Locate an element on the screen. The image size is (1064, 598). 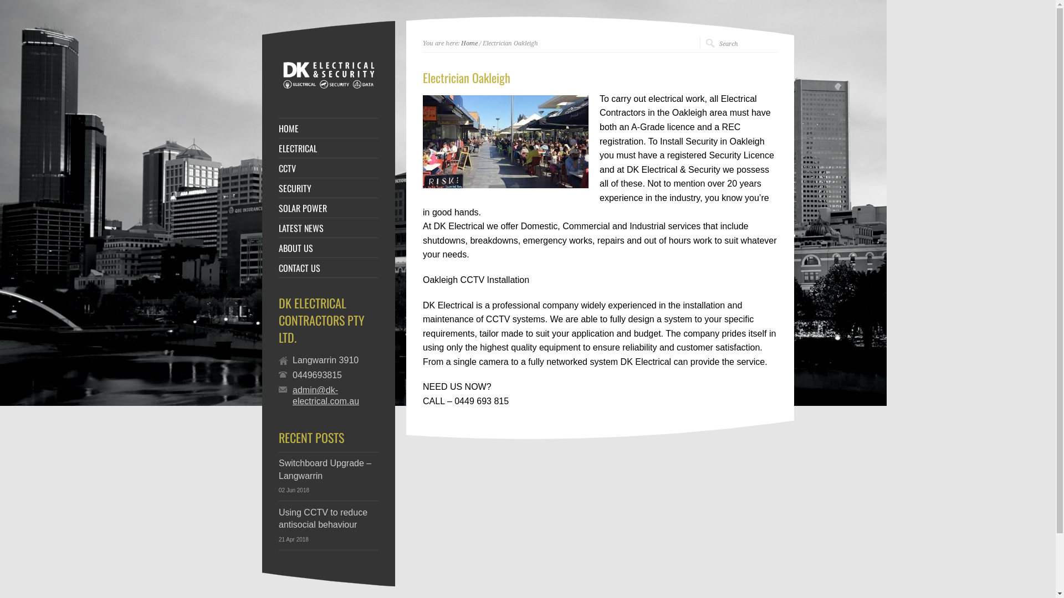
'LATEST NEWS' is located at coordinates (328, 228).